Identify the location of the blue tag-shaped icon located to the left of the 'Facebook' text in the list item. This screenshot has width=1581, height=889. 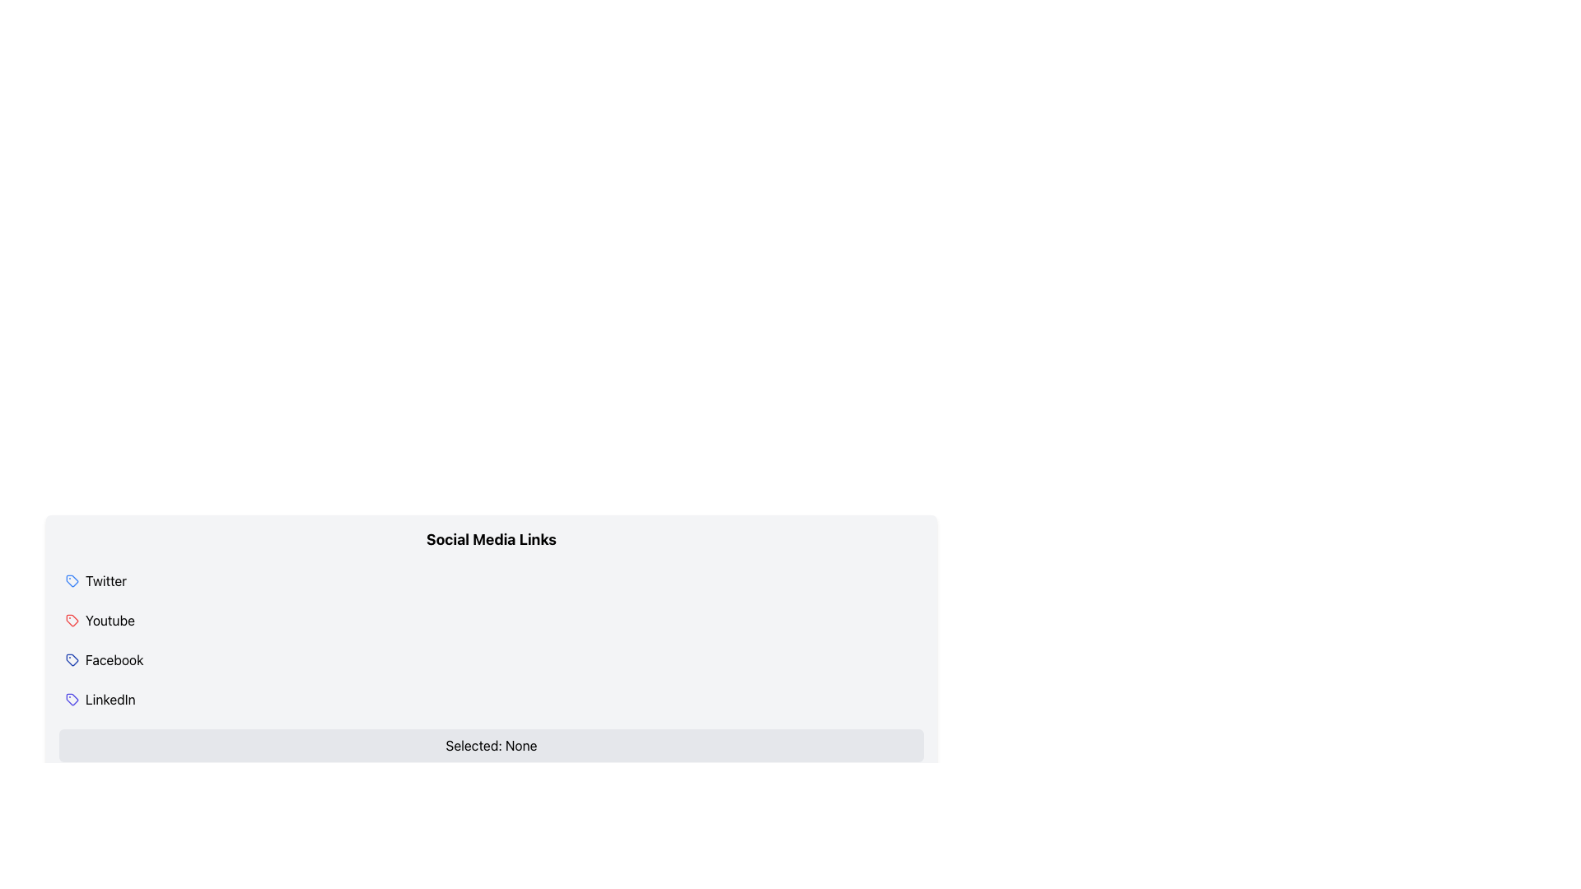
(71, 659).